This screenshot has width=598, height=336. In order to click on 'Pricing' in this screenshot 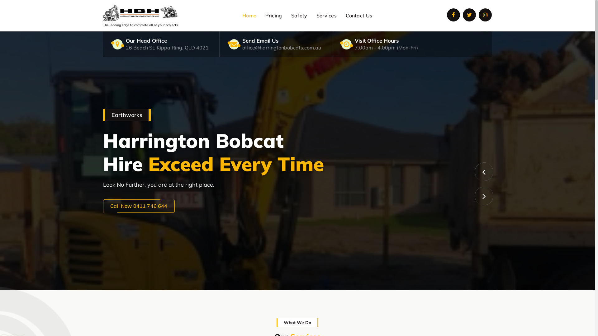, I will do `click(273, 15)`.